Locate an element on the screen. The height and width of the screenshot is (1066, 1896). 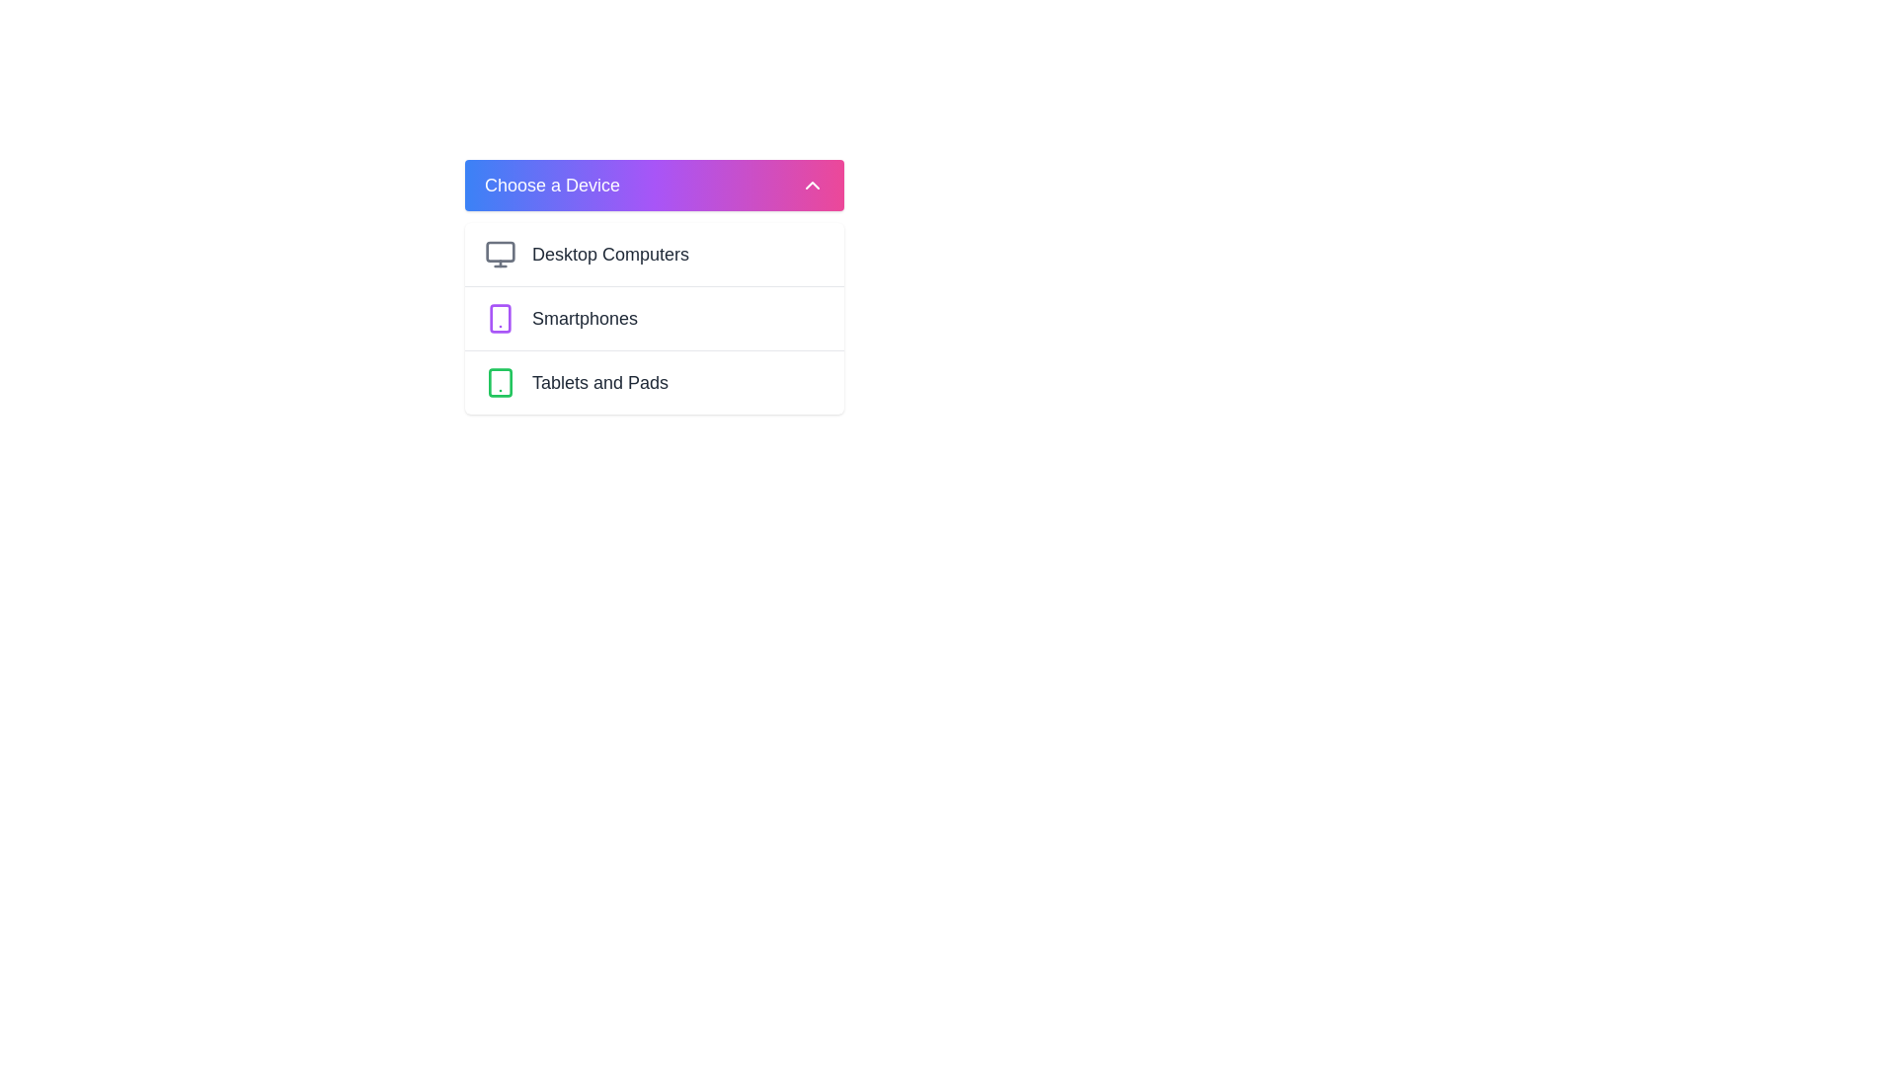
the 'Tablets and Pads' menu item icon, which is located on the left side of the menu alongside its text label is located at coordinates (501, 383).